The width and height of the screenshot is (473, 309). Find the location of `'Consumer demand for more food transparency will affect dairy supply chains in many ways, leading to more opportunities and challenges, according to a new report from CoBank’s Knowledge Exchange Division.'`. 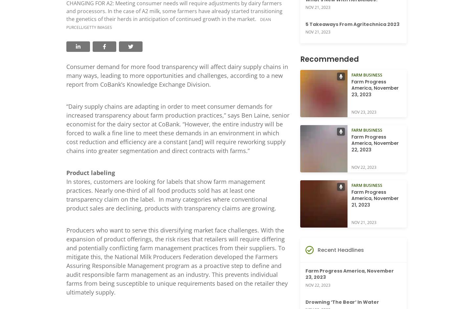

'Consumer demand for more food transparency will affect dairy supply chains in many ways, leading to more opportunities and challenges, according to a new report from CoBank’s Knowledge Exchange Division.' is located at coordinates (66, 75).